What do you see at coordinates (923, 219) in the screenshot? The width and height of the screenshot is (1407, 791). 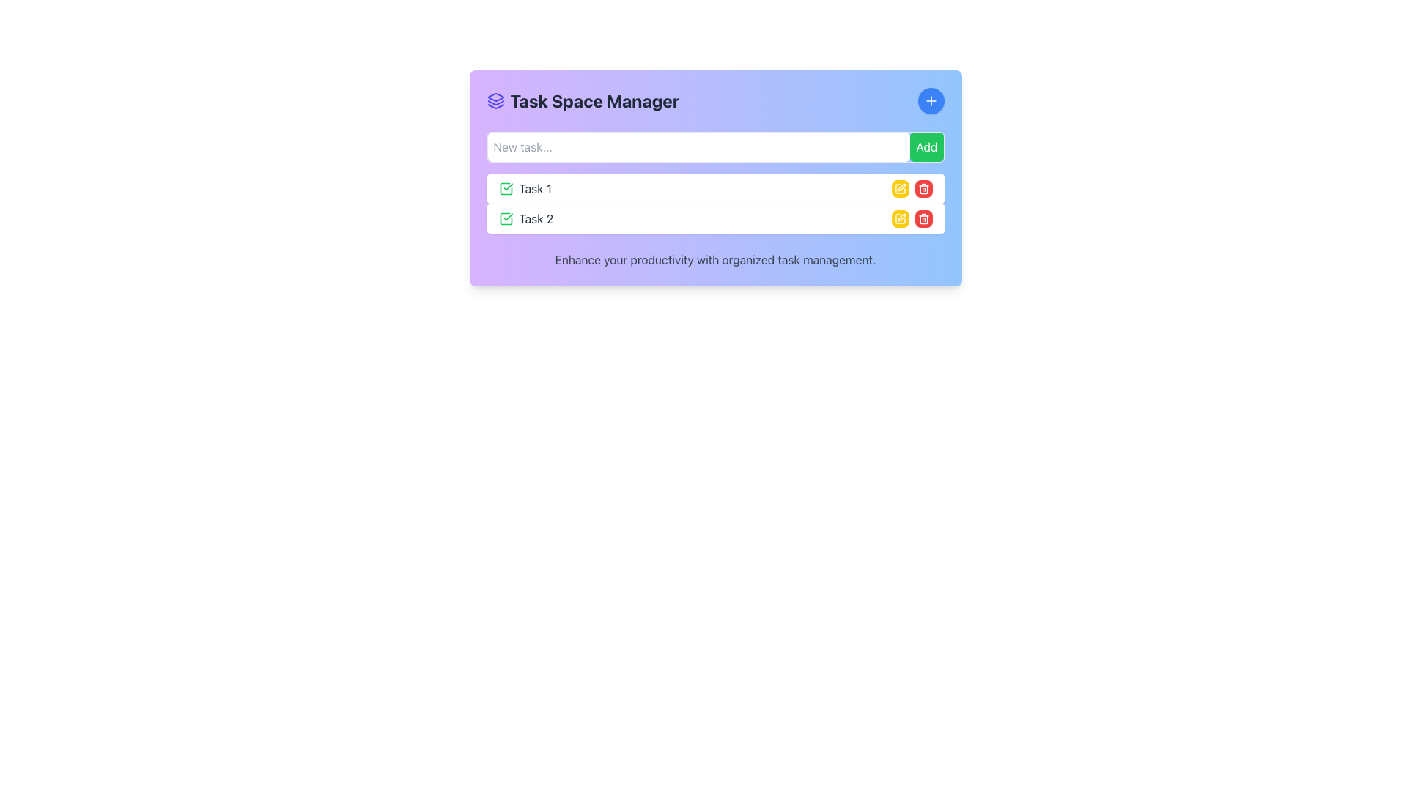 I see `the delete button located in the last cell of the second row of tasks in the task manager interface` at bounding box center [923, 219].